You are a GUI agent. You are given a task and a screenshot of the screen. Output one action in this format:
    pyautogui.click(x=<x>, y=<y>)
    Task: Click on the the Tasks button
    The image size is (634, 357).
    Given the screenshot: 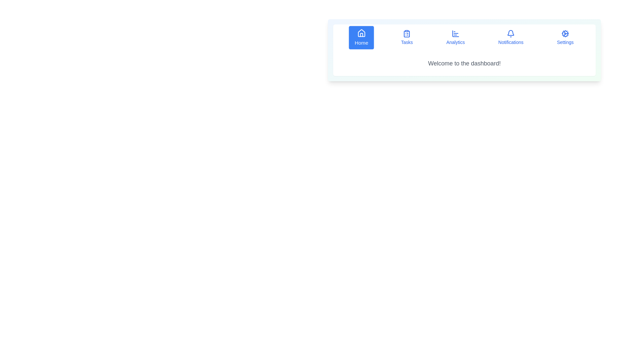 What is the action you would take?
    pyautogui.click(x=406, y=38)
    